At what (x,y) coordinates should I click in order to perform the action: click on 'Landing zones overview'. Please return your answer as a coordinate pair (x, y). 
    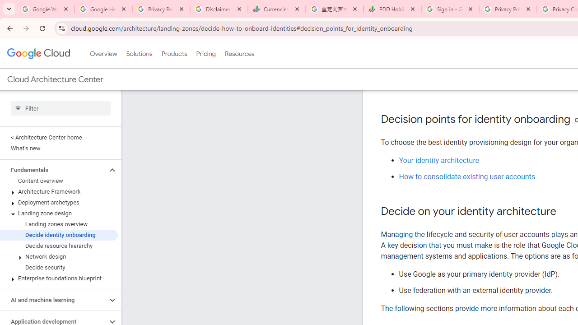
    Looking at the image, I should click on (58, 224).